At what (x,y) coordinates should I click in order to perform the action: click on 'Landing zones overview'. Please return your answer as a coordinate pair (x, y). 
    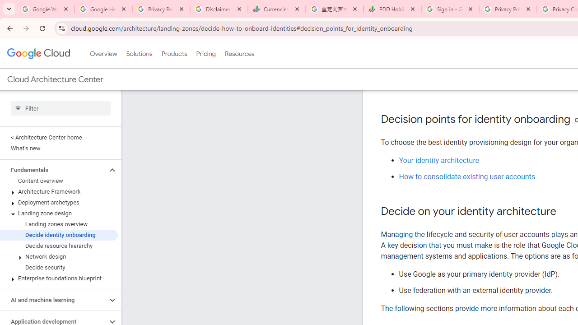
    Looking at the image, I should click on (58, 224).